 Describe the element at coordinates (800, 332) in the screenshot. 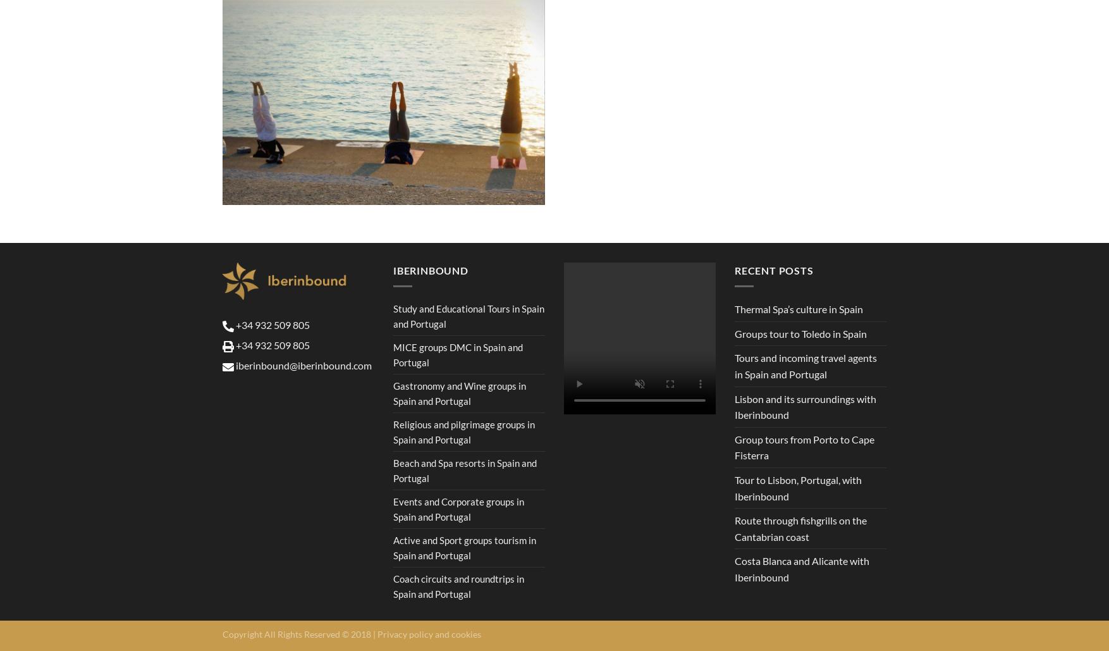

I see `'Groups tour to Toledo in Spain'` at that location.